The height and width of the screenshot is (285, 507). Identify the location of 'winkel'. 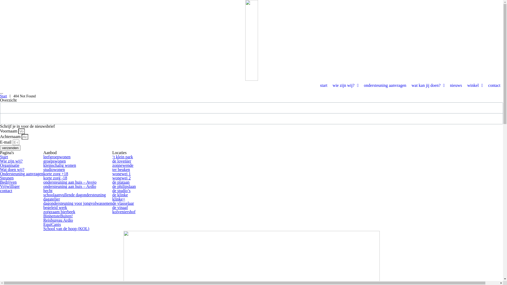
(475, 85).